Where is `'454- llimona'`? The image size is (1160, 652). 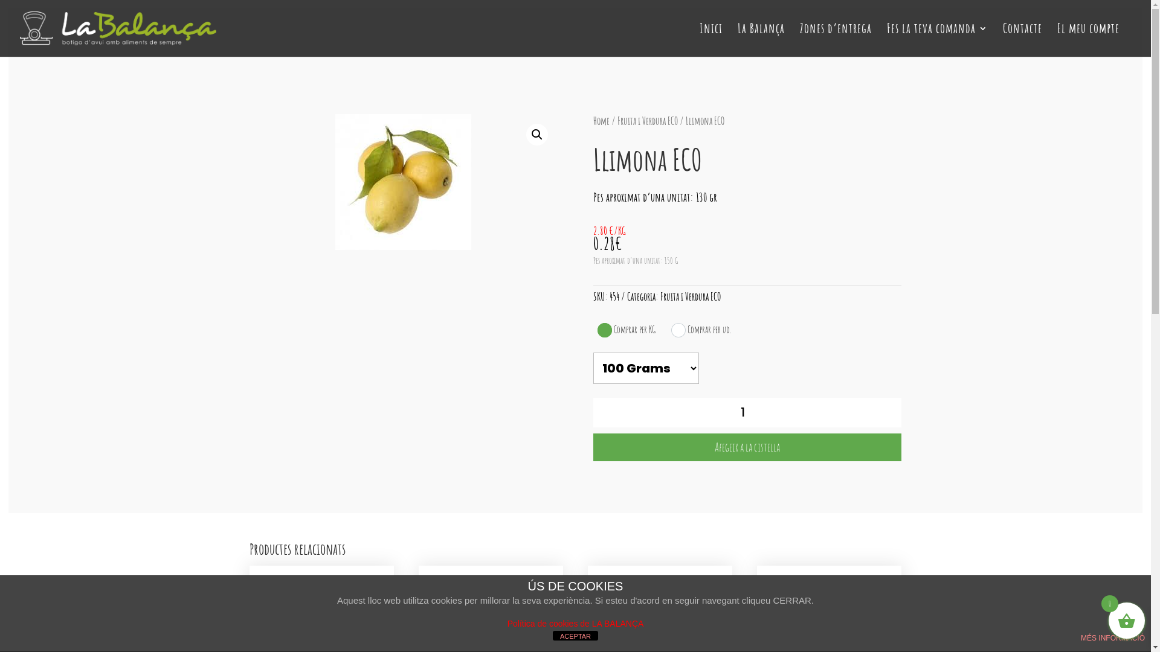
'454- llimona' is located at coordinates (403, 182).